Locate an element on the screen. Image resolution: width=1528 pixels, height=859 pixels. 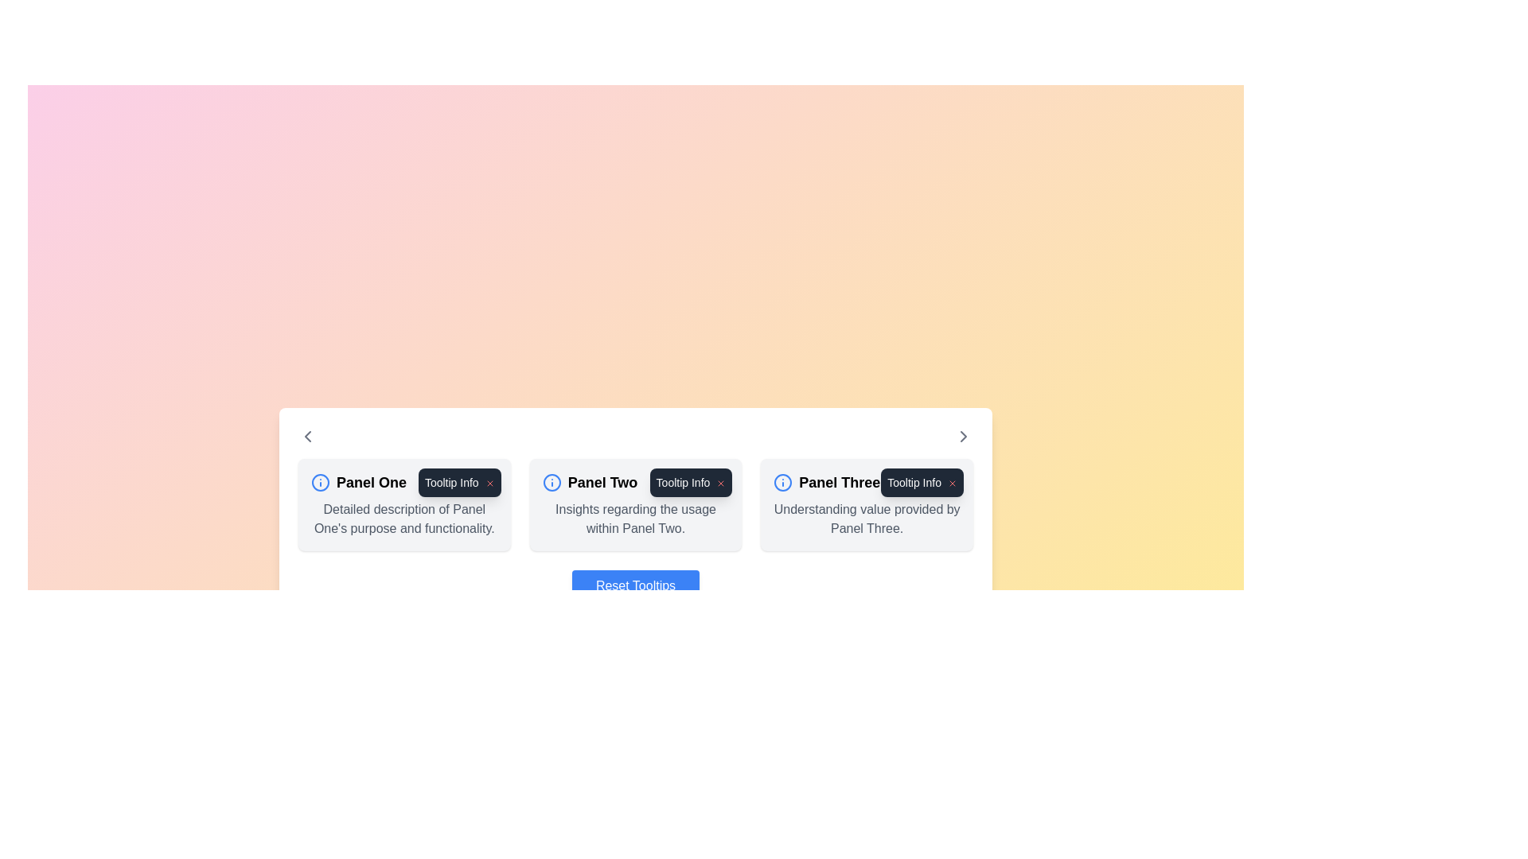
the 'X' icon on the gray tooltip labeled 'Tooltip Info' is located at coordinates (458, 481).